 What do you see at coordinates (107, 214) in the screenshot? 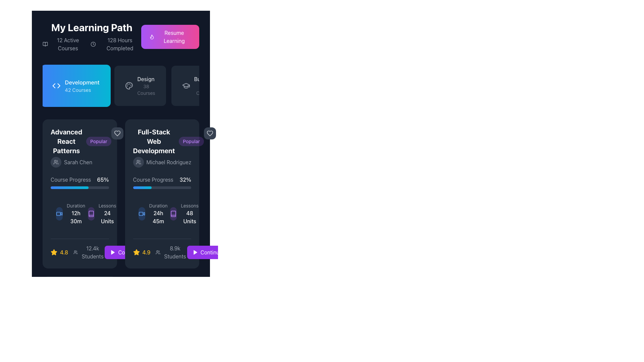
I see `displayed text 'Lessons' and '24 Units' from the Text Display located in the bottom section of the left card, styled with small gray text for 'Lessons' and larger white text for '24 Units'` at bounding box center [107, 214].